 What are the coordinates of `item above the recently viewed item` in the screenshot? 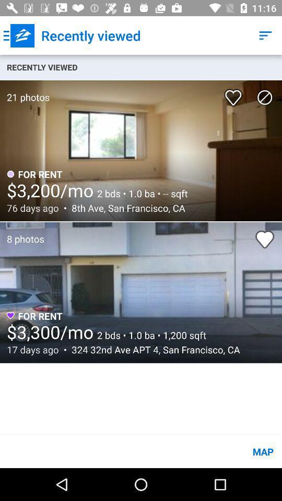 It's located at (19, 35).